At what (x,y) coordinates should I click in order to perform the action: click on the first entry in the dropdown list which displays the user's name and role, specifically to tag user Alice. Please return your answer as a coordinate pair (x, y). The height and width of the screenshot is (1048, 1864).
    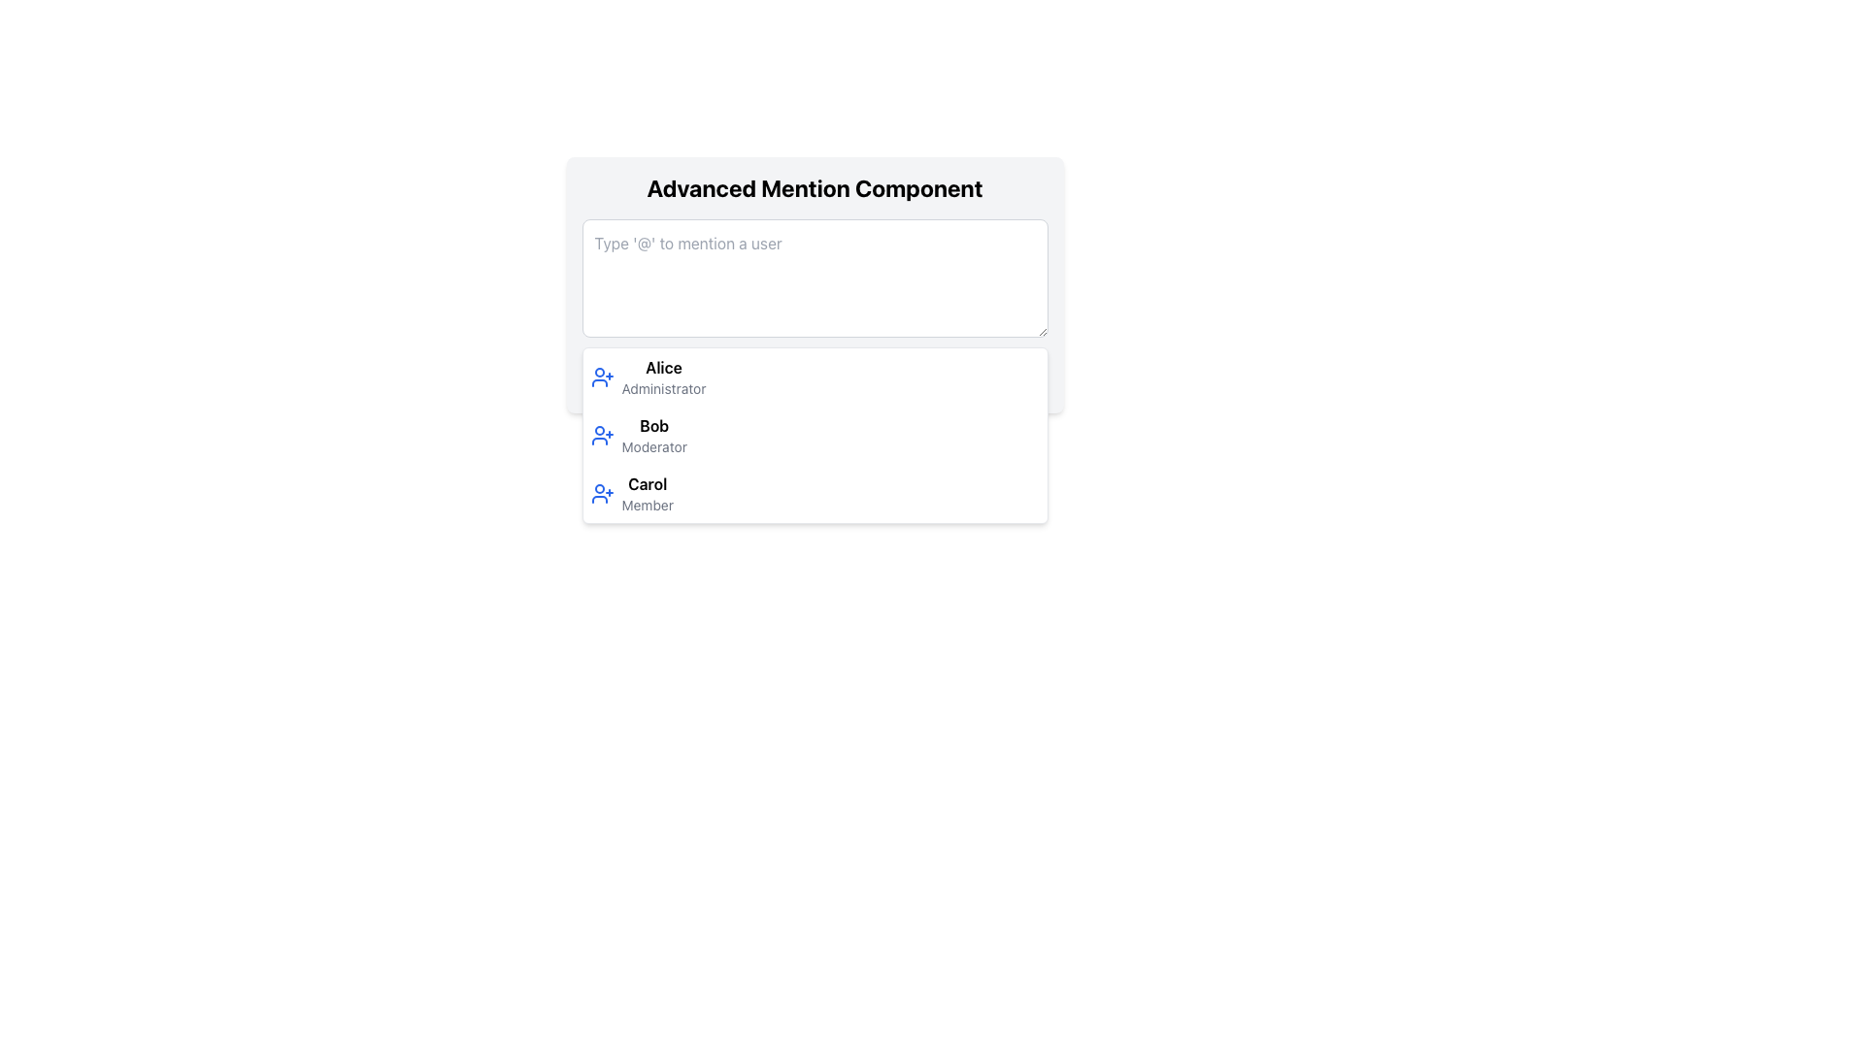
    Looking at the image, I should click on (663, 377).